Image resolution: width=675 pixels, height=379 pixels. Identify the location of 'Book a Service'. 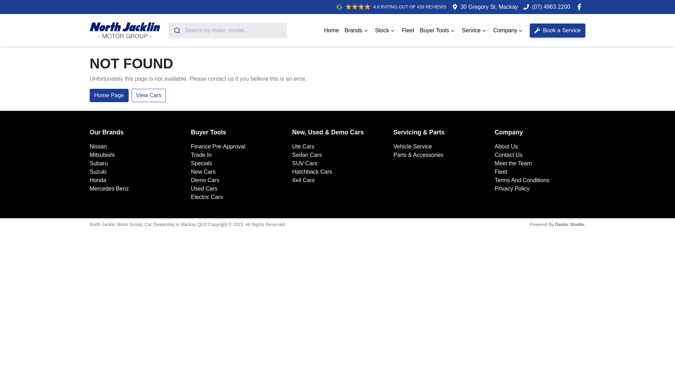
(530, 29).